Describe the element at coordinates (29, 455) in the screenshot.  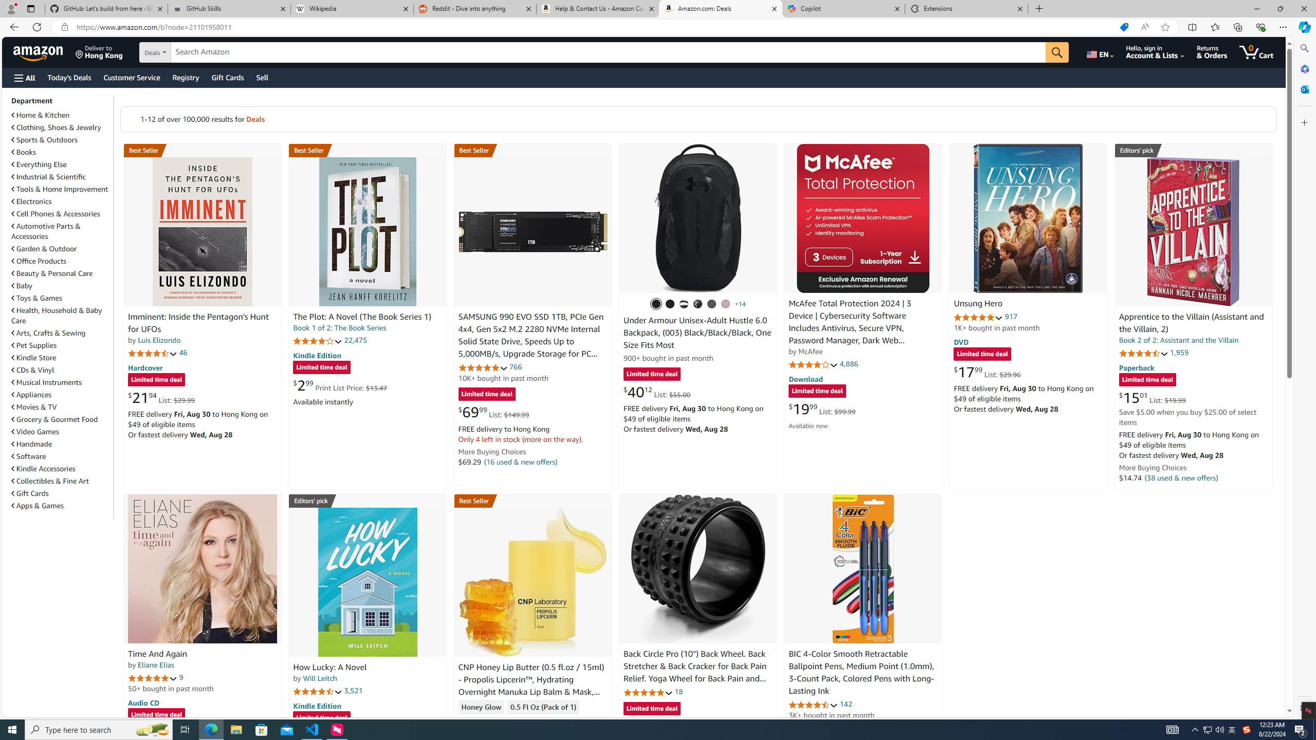
I see `'Software'` at that location.